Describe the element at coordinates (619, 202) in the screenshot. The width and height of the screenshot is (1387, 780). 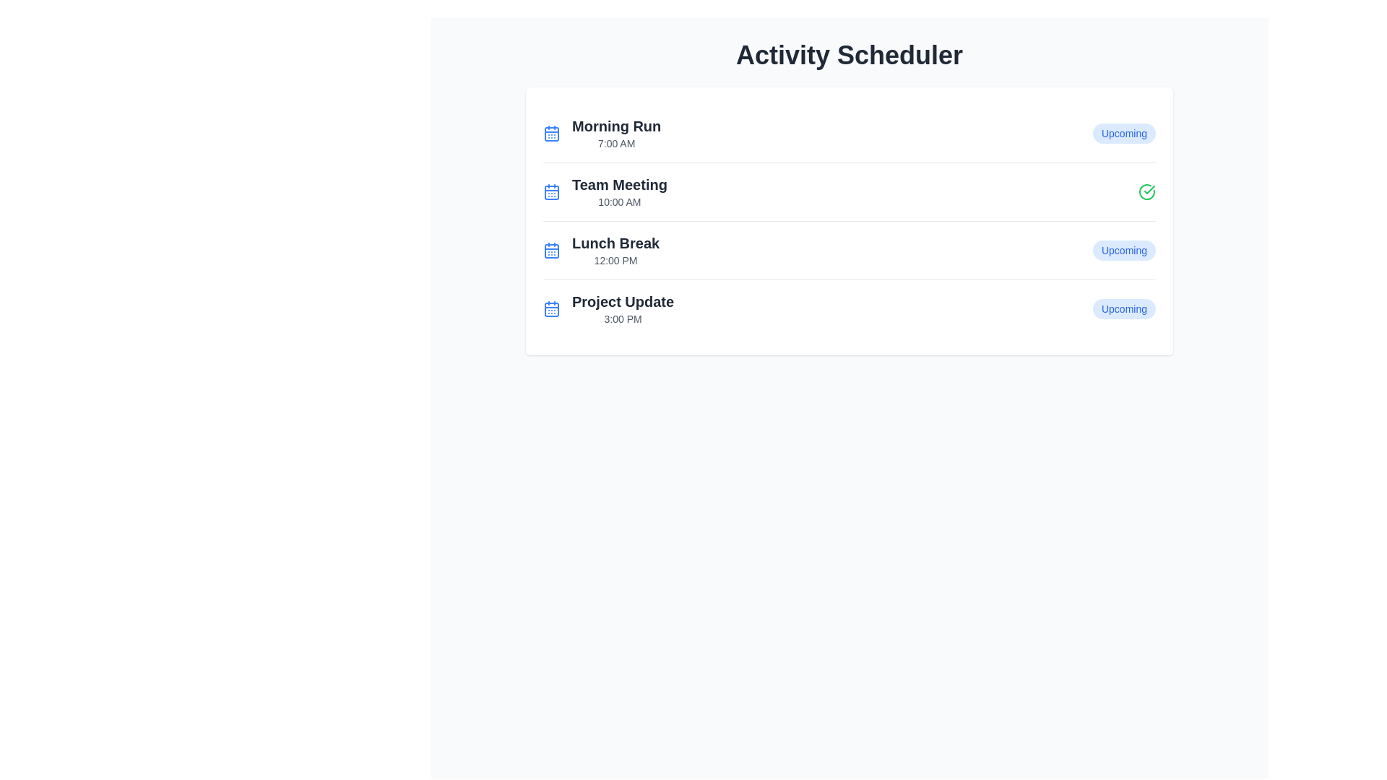
I see `the text element displaying '10:00 AM' in gray color, located below 'Team Meeting' in the schedule list` at that location.